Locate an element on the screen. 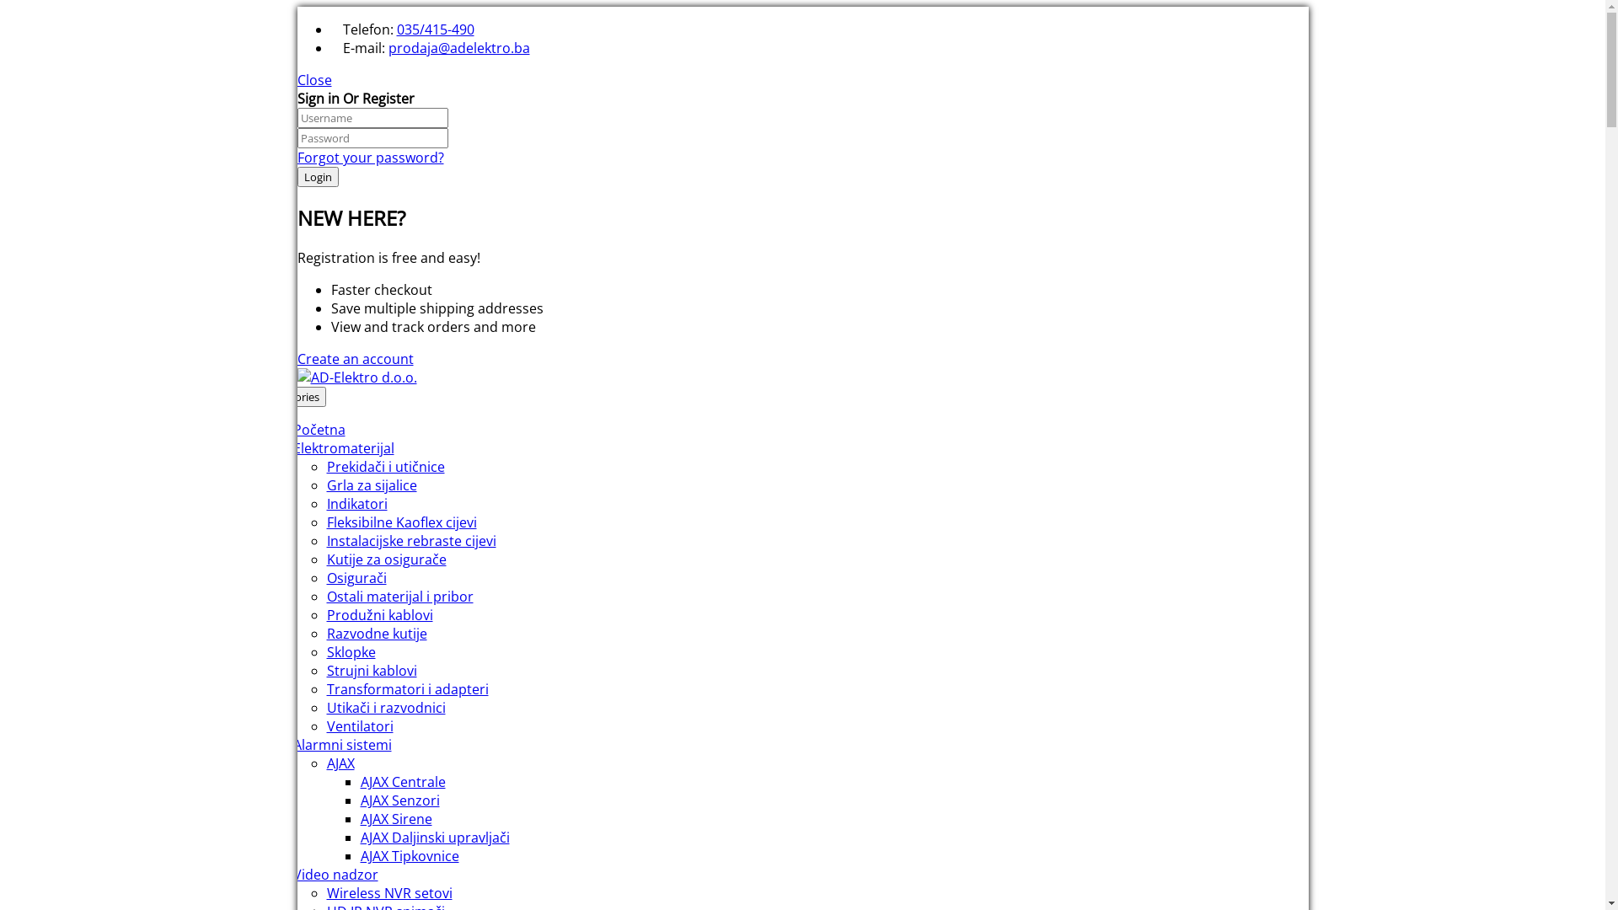 The width and height of the screenshot is (1618, 910). 'AJAX Senzori' is located at coordinates (399, 799).